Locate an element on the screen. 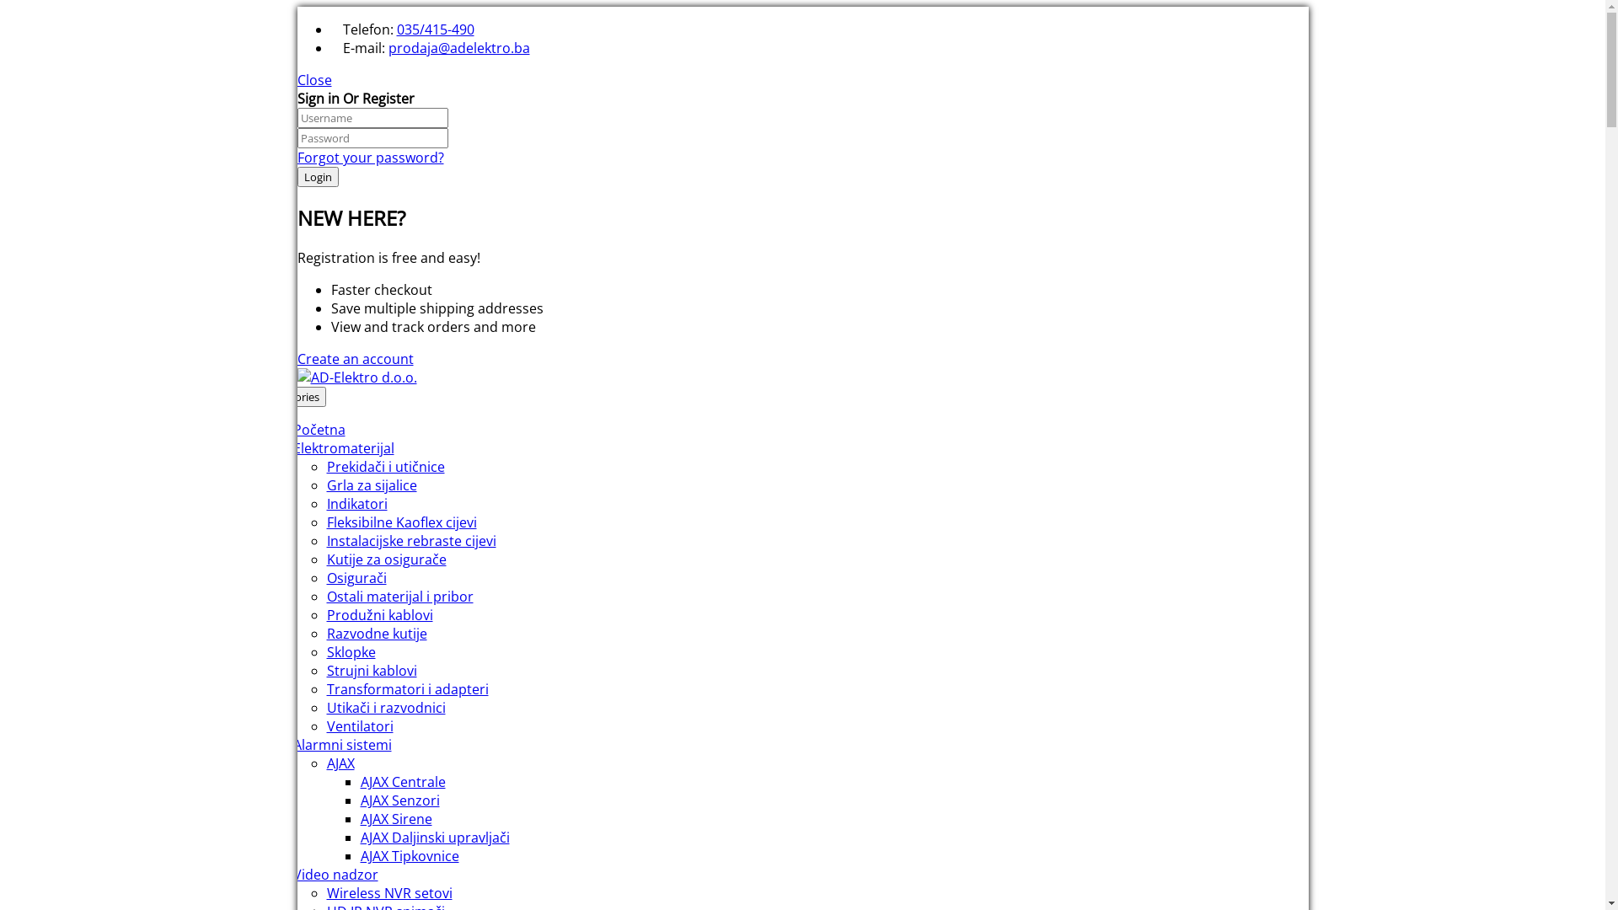 The width and height of the screenshot is (1618, 910). 'AJAX Senzori' is located at coordinates (399, 799).